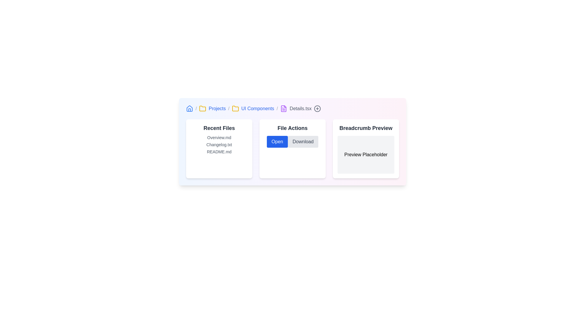  I want to click on the house icon button located at the beginning of the breadcrumb navigation bar, so click(190, 108).